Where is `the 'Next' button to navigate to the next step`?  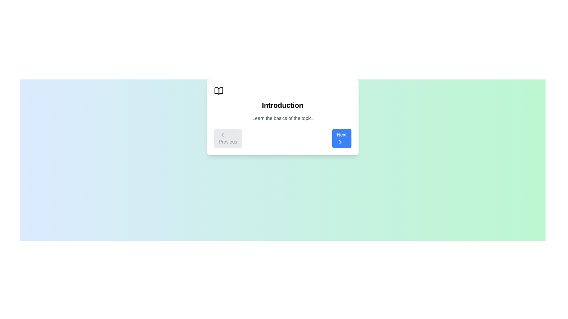 the 'Next' button to navigate to the next step is located at coordinates (342, 139).